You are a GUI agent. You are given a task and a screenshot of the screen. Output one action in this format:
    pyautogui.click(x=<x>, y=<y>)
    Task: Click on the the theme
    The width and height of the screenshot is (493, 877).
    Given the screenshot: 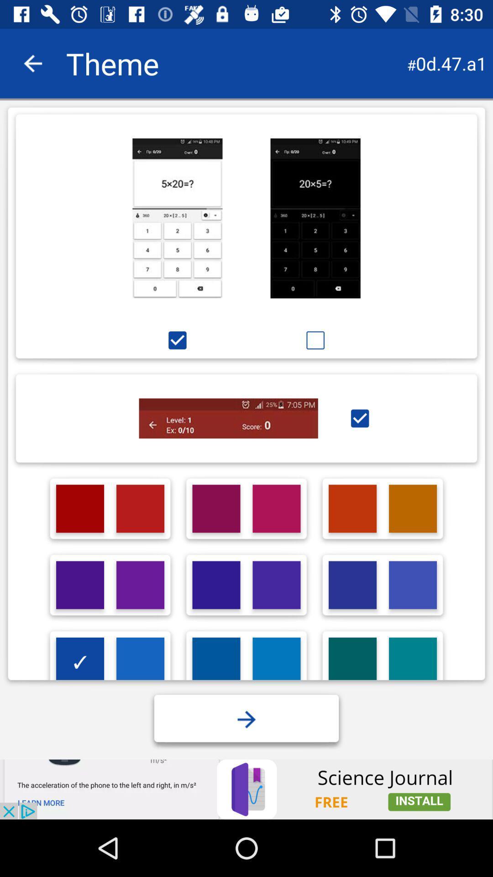 What is the action you would take?
    pyautogui.click(x=276, y=508)
    